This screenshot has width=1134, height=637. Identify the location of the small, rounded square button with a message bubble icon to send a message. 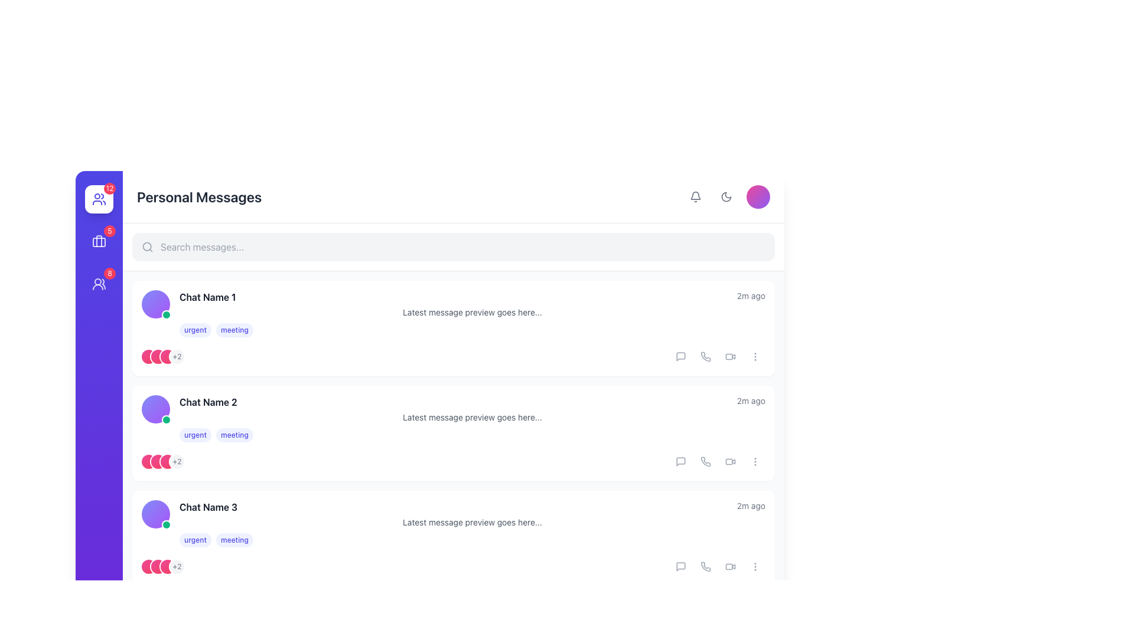
(680, 566).